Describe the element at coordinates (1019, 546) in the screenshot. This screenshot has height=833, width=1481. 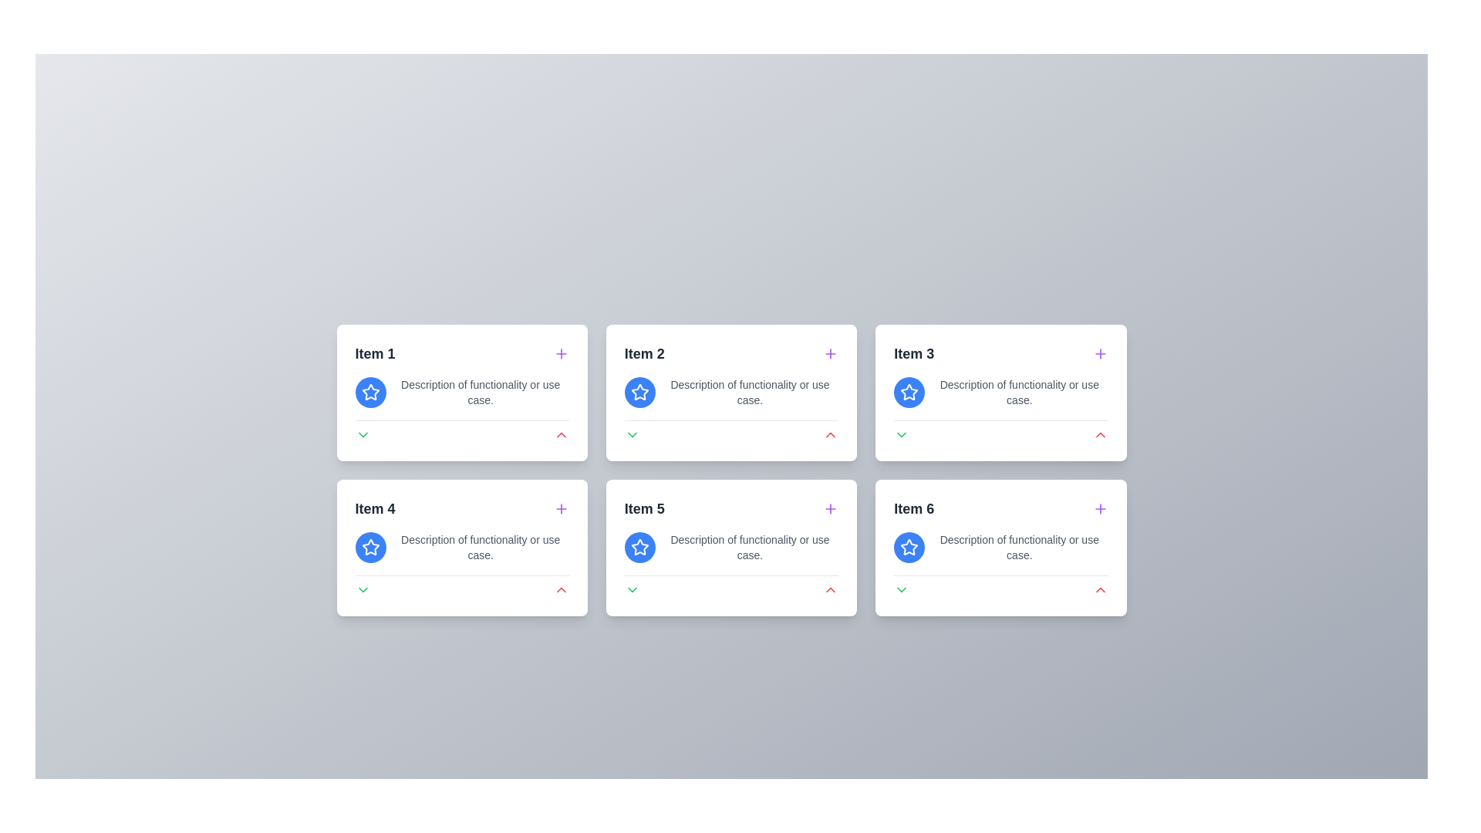
I see `the text label that says 'Description of functionality or use case.' located under the star icon within the card labeled 'Item 6'` at that location.